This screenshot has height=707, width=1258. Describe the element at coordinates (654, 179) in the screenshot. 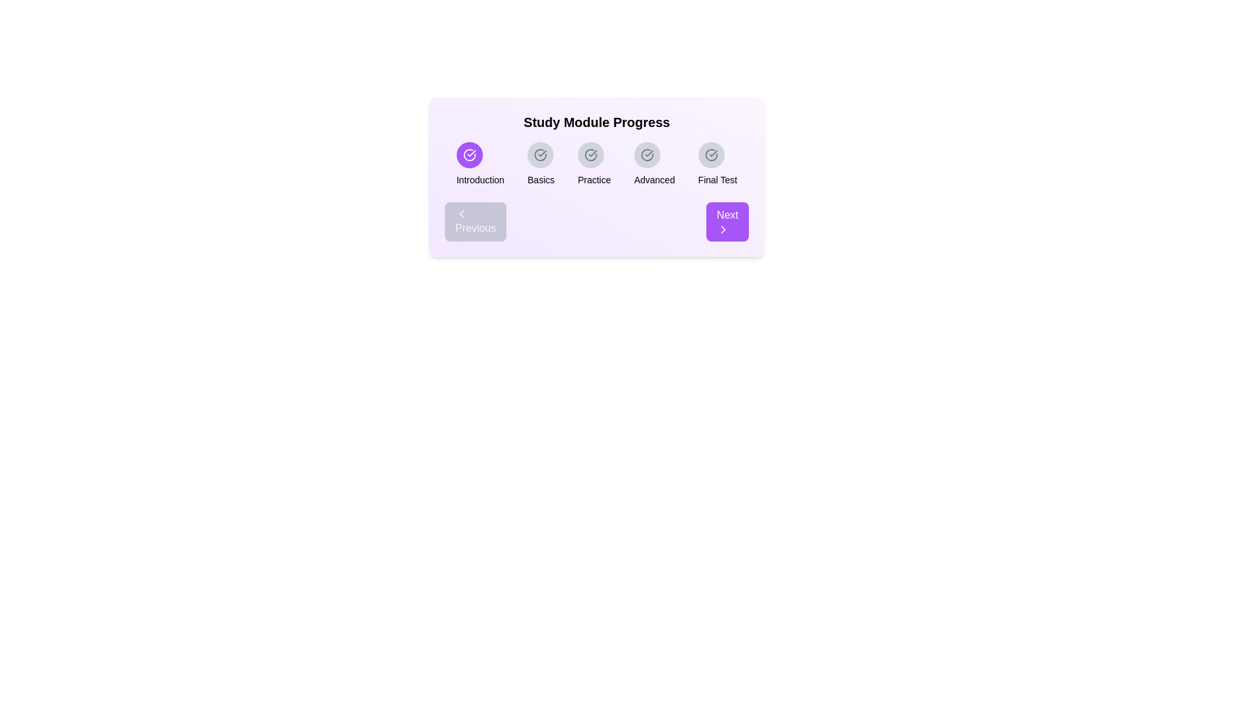

I see `the text label displaying 'Advanced', which is the fourth stage in the 'Study Module Progress' interface, located below a circular icon` at that location.